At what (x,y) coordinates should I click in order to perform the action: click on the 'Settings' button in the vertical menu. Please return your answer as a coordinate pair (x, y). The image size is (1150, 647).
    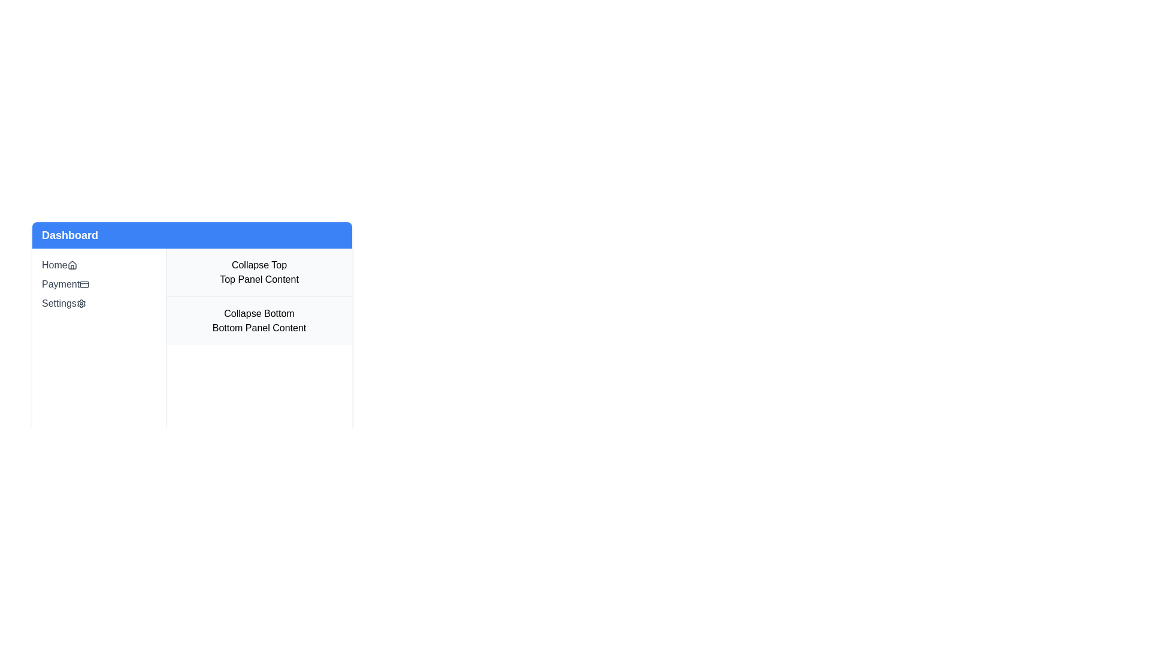
    Looking at the image, I should click on (99, 303).